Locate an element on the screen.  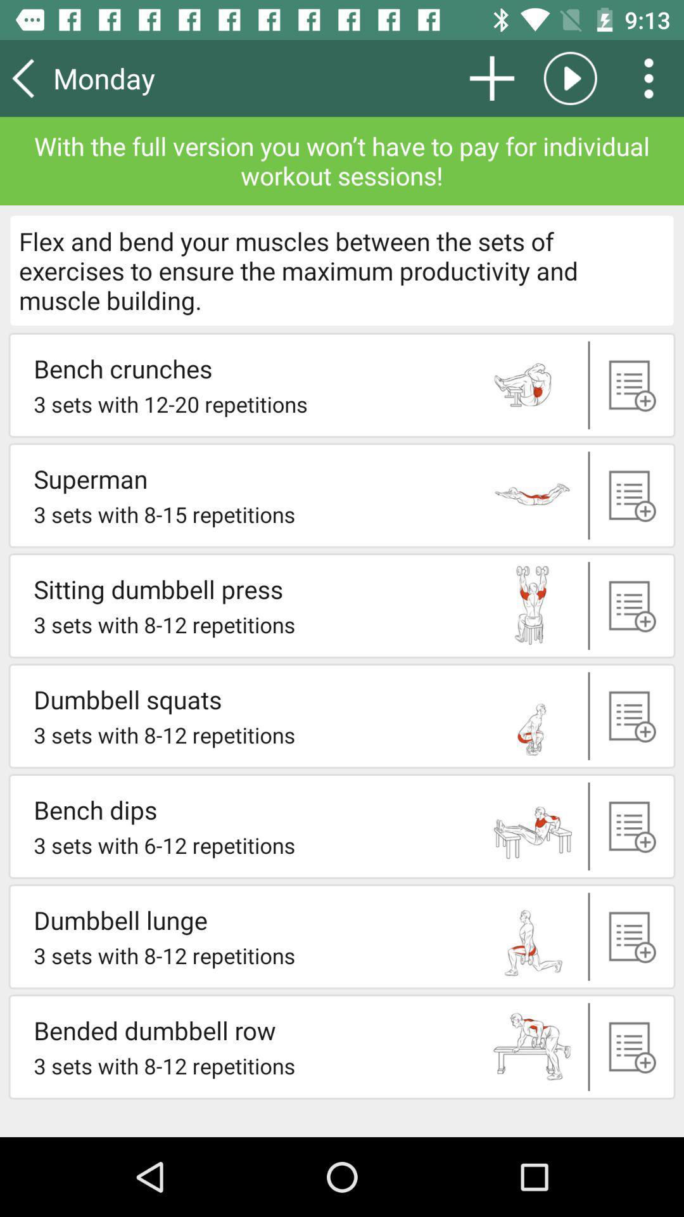
the add icon is located at coordinates (629, 605).